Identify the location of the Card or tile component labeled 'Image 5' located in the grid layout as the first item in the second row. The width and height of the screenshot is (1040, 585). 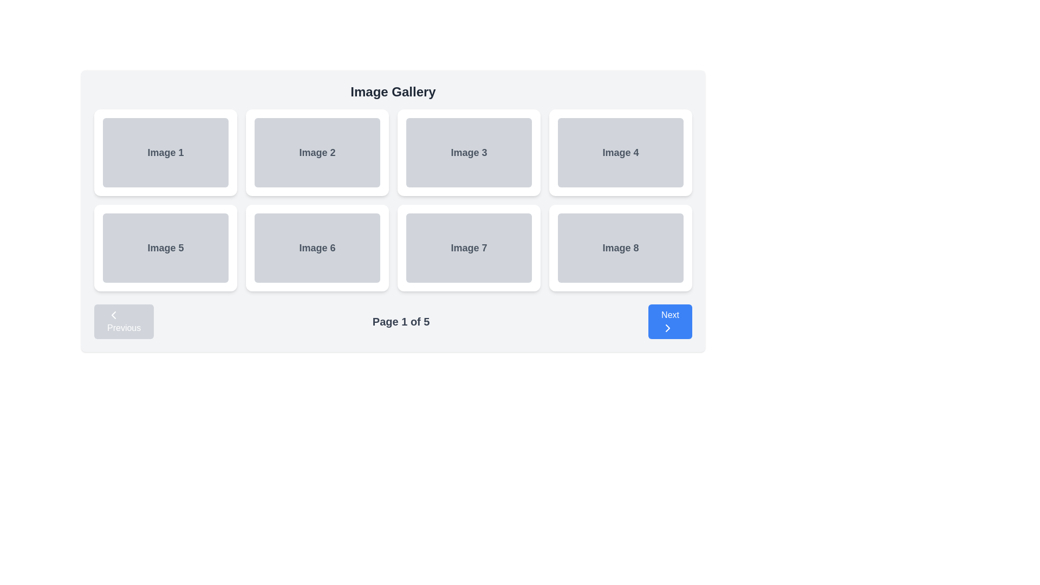
(165, 248).